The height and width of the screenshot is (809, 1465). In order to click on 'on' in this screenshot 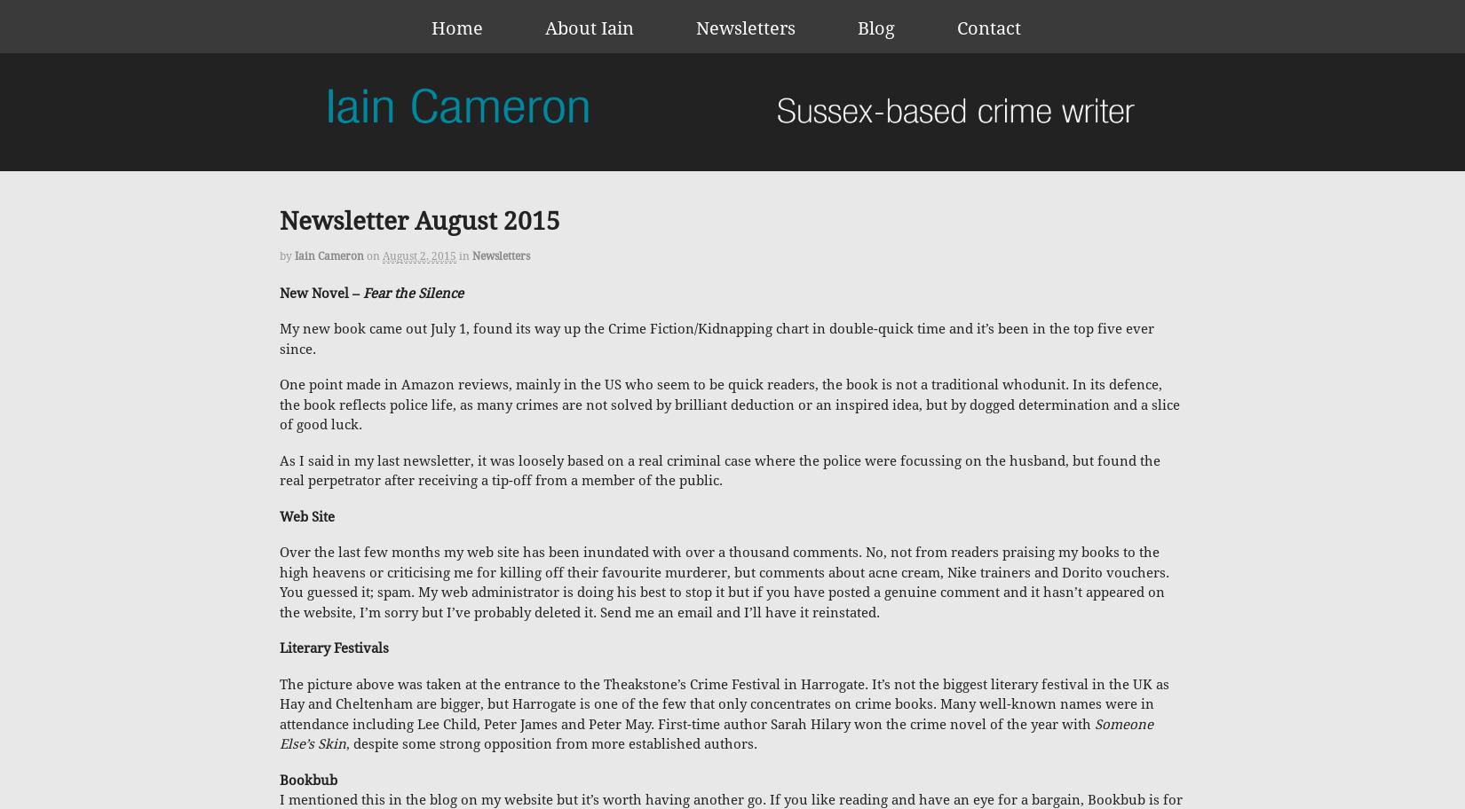, I will do `click(372, 255)`.